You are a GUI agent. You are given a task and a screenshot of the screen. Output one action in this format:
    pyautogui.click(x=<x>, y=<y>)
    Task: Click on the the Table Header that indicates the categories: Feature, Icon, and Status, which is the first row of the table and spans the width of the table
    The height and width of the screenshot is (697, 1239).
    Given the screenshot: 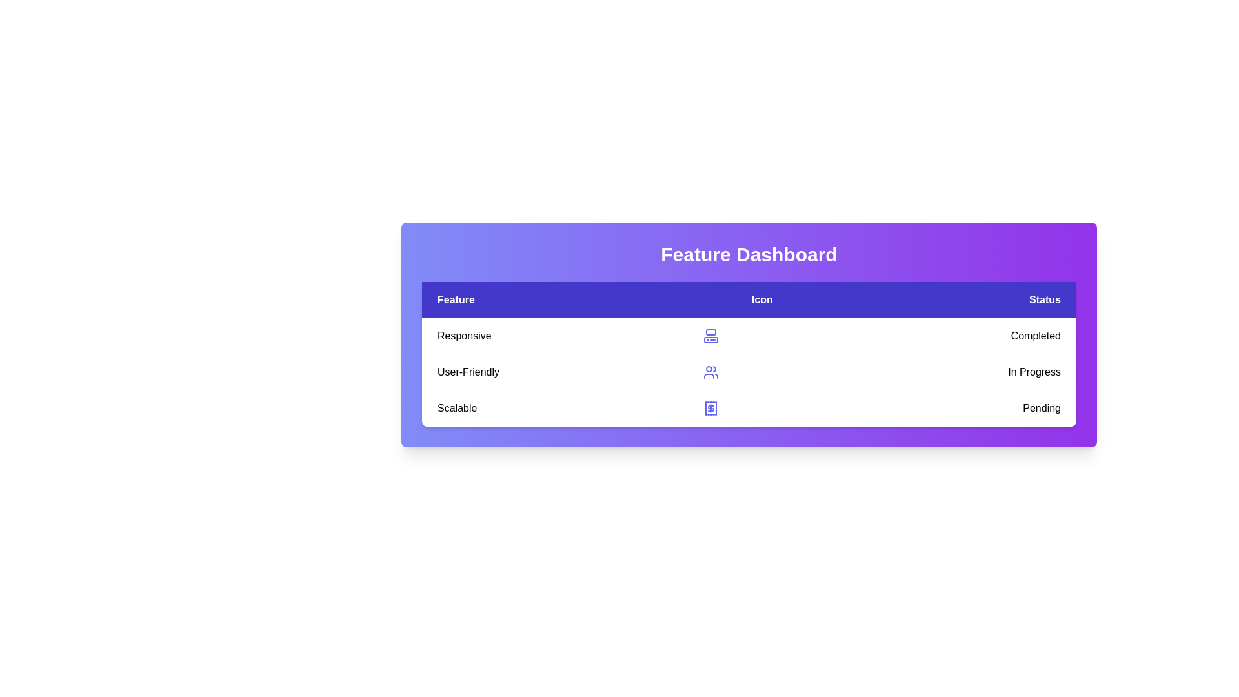 What is the action you would take?
    pyautogui.click(x=749, y=300)
    